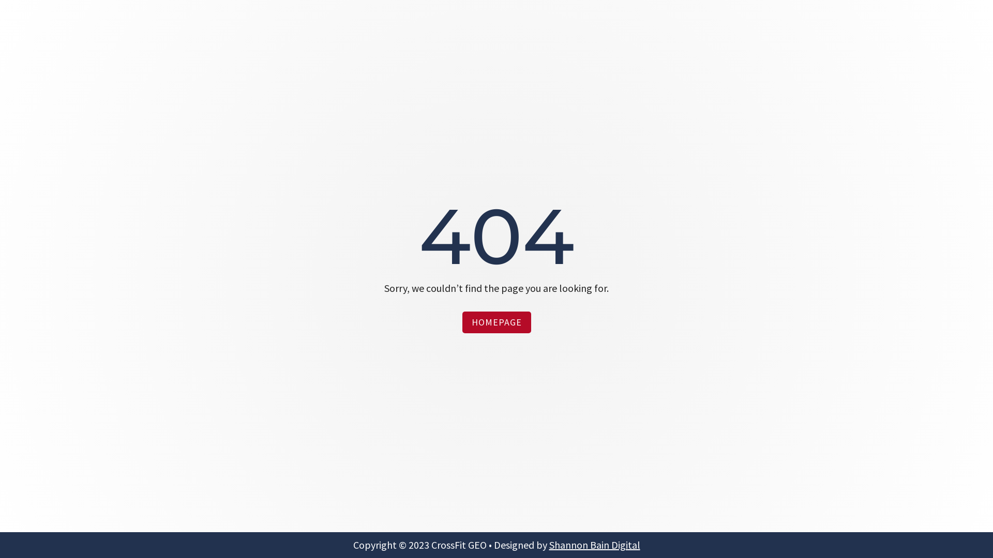 Image resolution: width=993 pixels, height=558 pixels. Describe the element at coordinates (461, 321) in the screenshot. I see `'HOMEPAGE'` at that location.